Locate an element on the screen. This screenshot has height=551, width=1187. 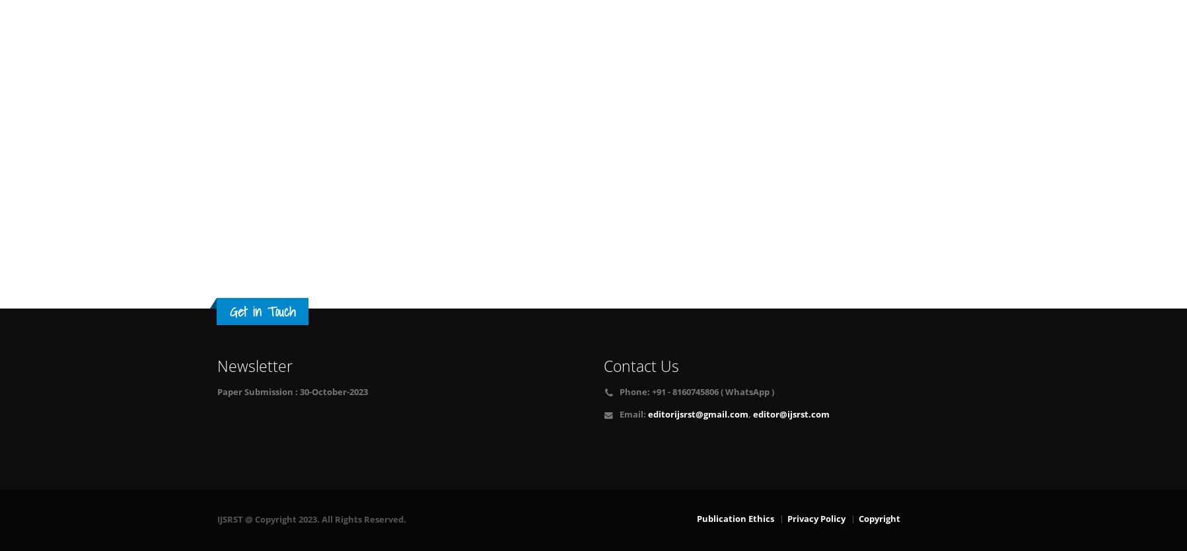
'Copyright' is located at coordinates (879, 518).